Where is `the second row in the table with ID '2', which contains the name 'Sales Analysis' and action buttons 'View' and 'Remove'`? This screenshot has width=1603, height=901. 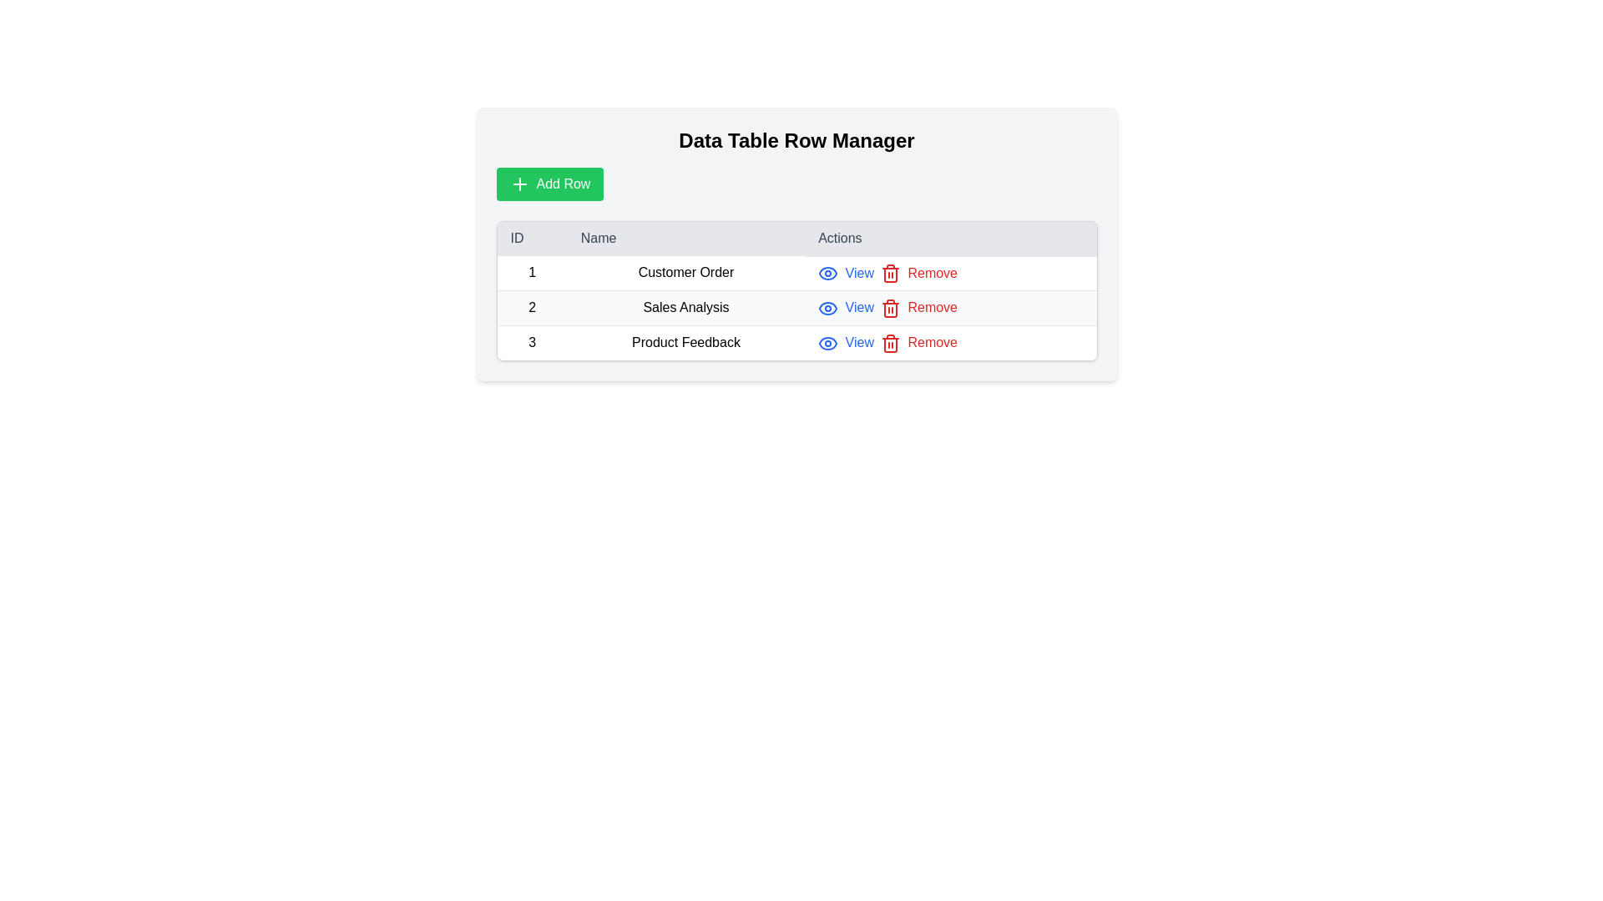 the second row in the table with ID '2', which contains the name 'Sales Analysis' and action buttons 'View' and 'Remove' is located at coordinates (796, 308).